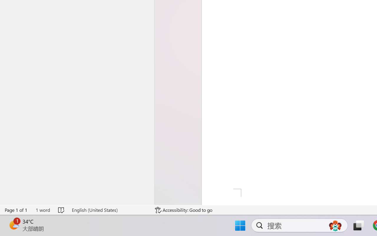  I want to click on 'Page Number Page 1 of 1', so click(16, 210).